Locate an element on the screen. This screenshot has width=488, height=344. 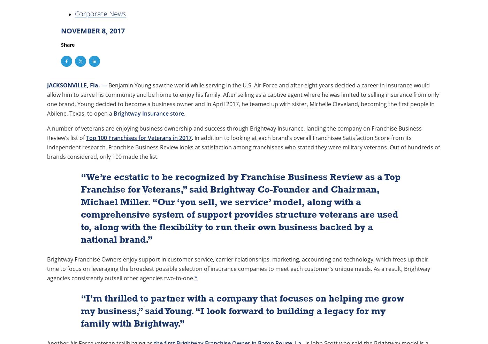
'November 8, 2017' is located at coordinates (93, 31).